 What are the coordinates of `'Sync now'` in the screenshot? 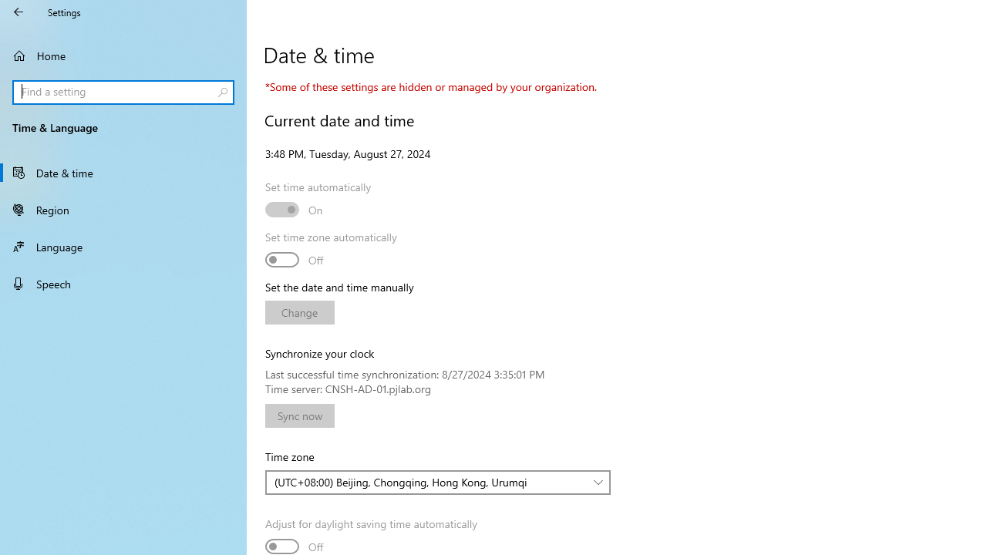 It's located at (300, 415).